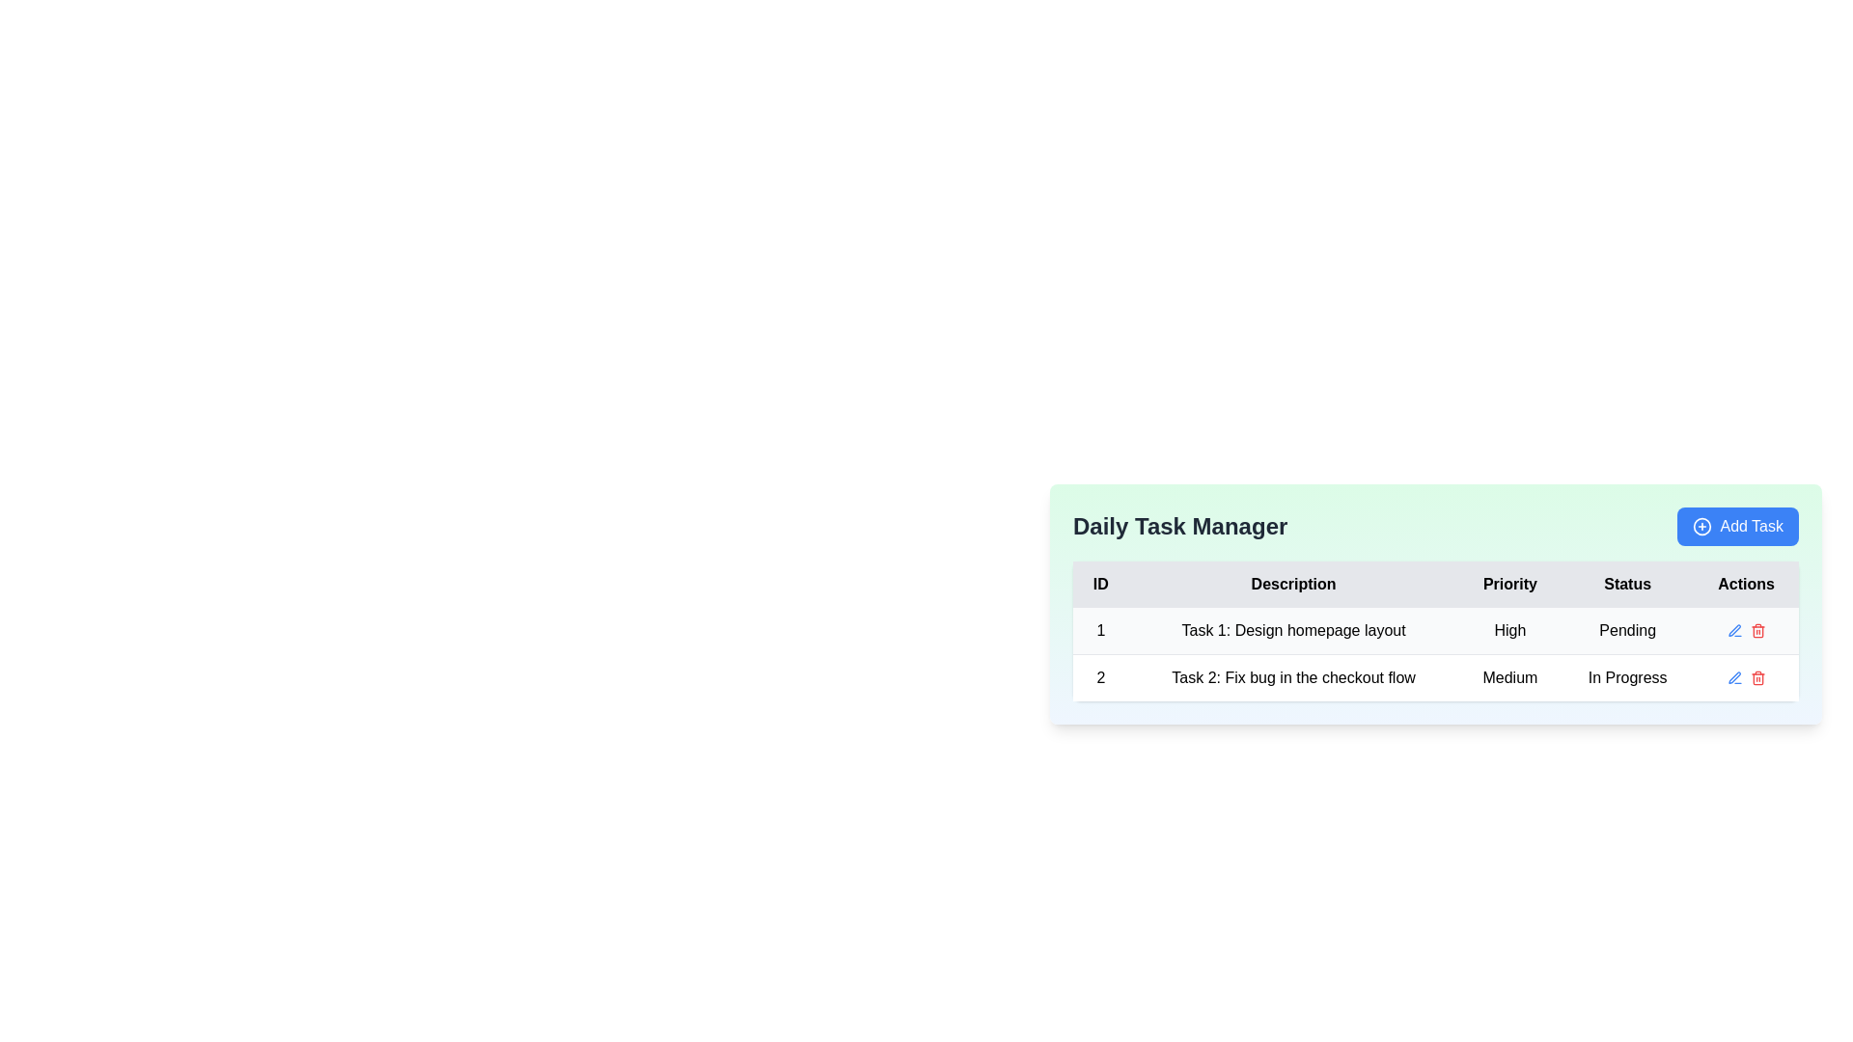  Describe the element at coordinates (1508, 583) in the screenshot. I see `the 'Task Priority' text label, which is the third column header in the table, located between 'Description' and 'Status'` at that location.